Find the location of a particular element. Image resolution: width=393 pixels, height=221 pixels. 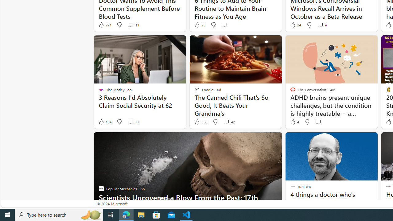

'View comments 42 Comment' is located at coordinates (226, 122).